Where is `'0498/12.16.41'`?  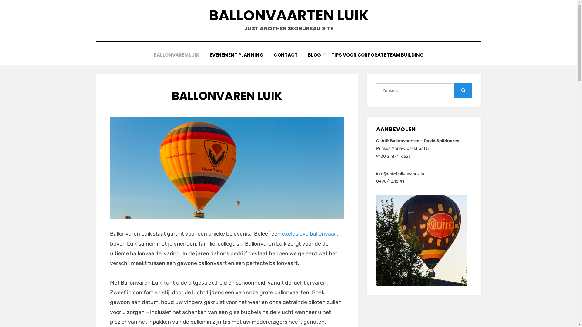
'0498/12.16.41' is located at coordinates (390, 181).